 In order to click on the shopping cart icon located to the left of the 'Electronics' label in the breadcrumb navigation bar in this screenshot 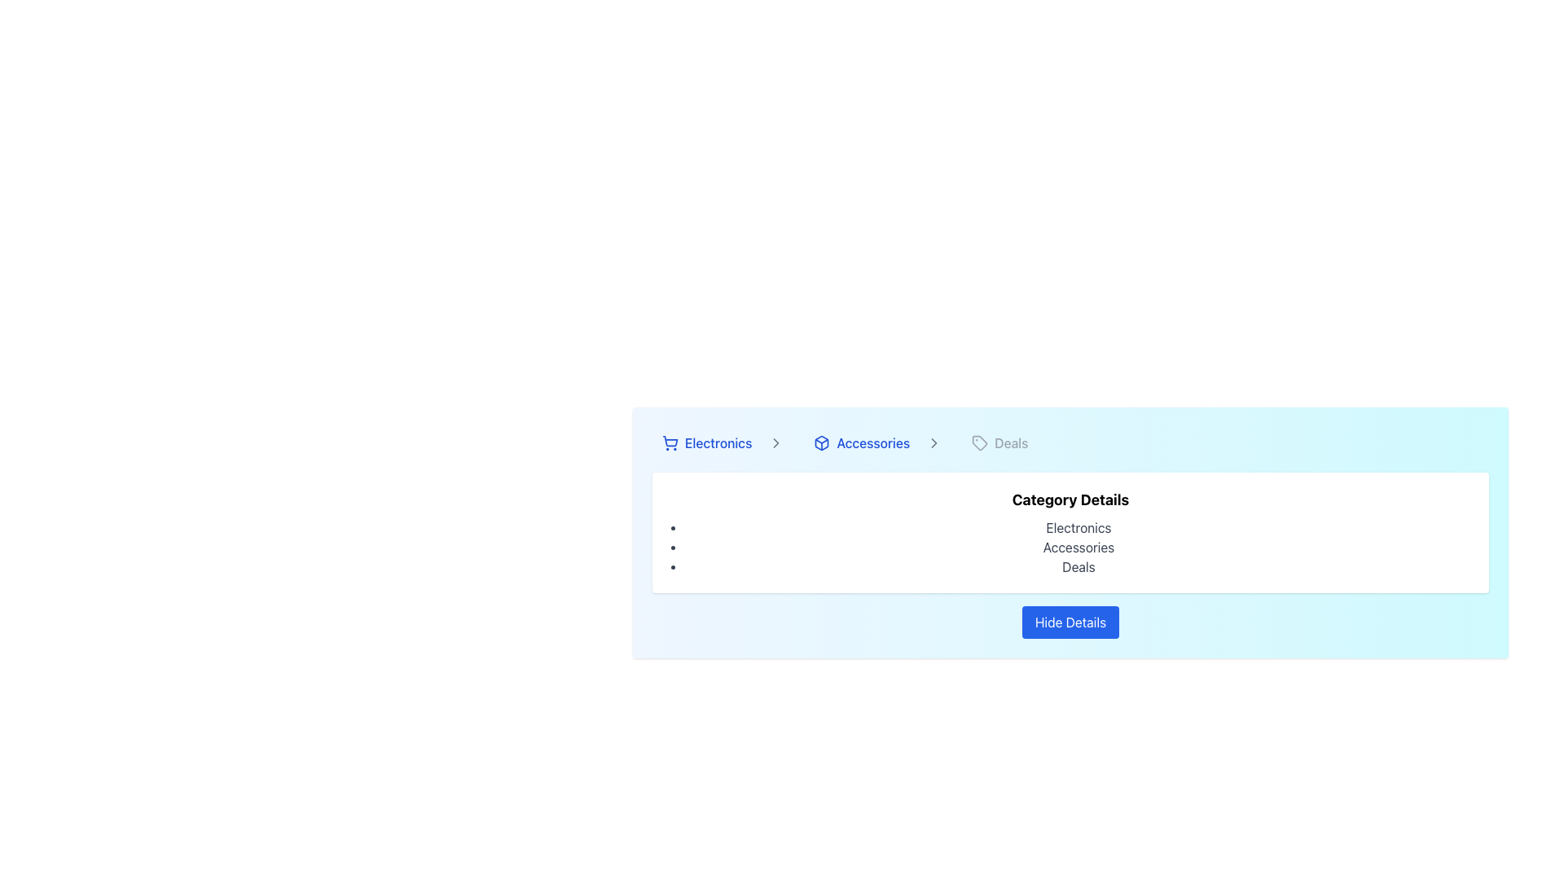, I will do `click(670, 442)`.